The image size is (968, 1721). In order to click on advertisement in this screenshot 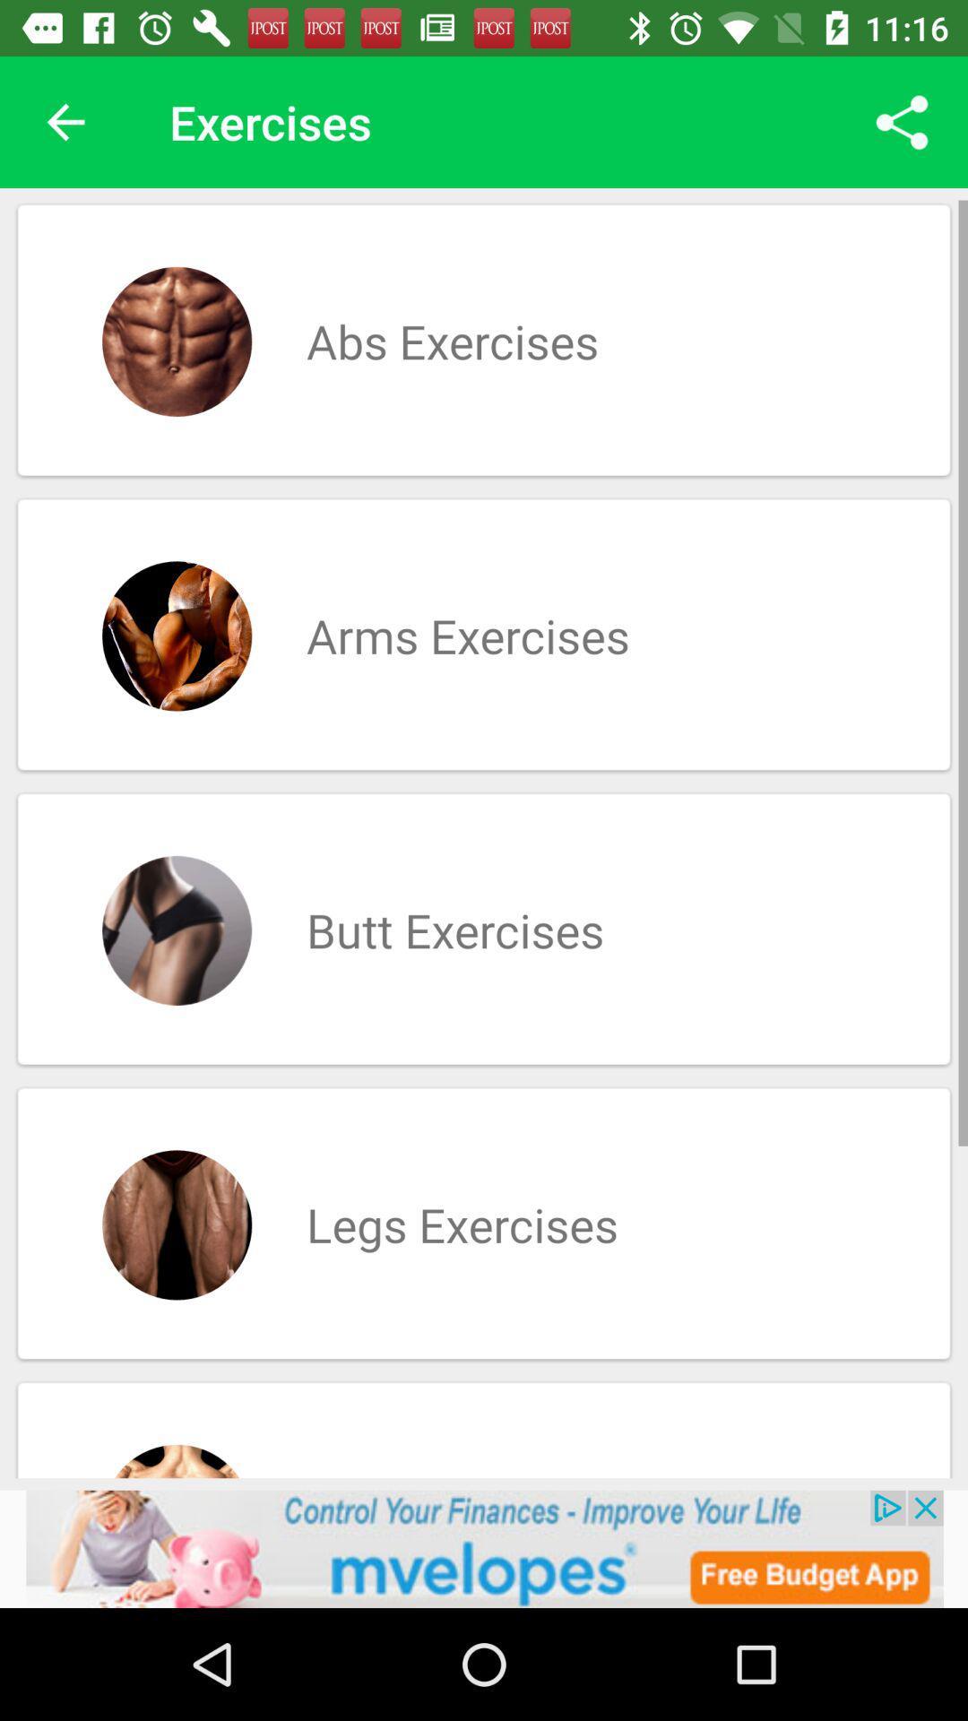, I will do `click(484, 1548)`.